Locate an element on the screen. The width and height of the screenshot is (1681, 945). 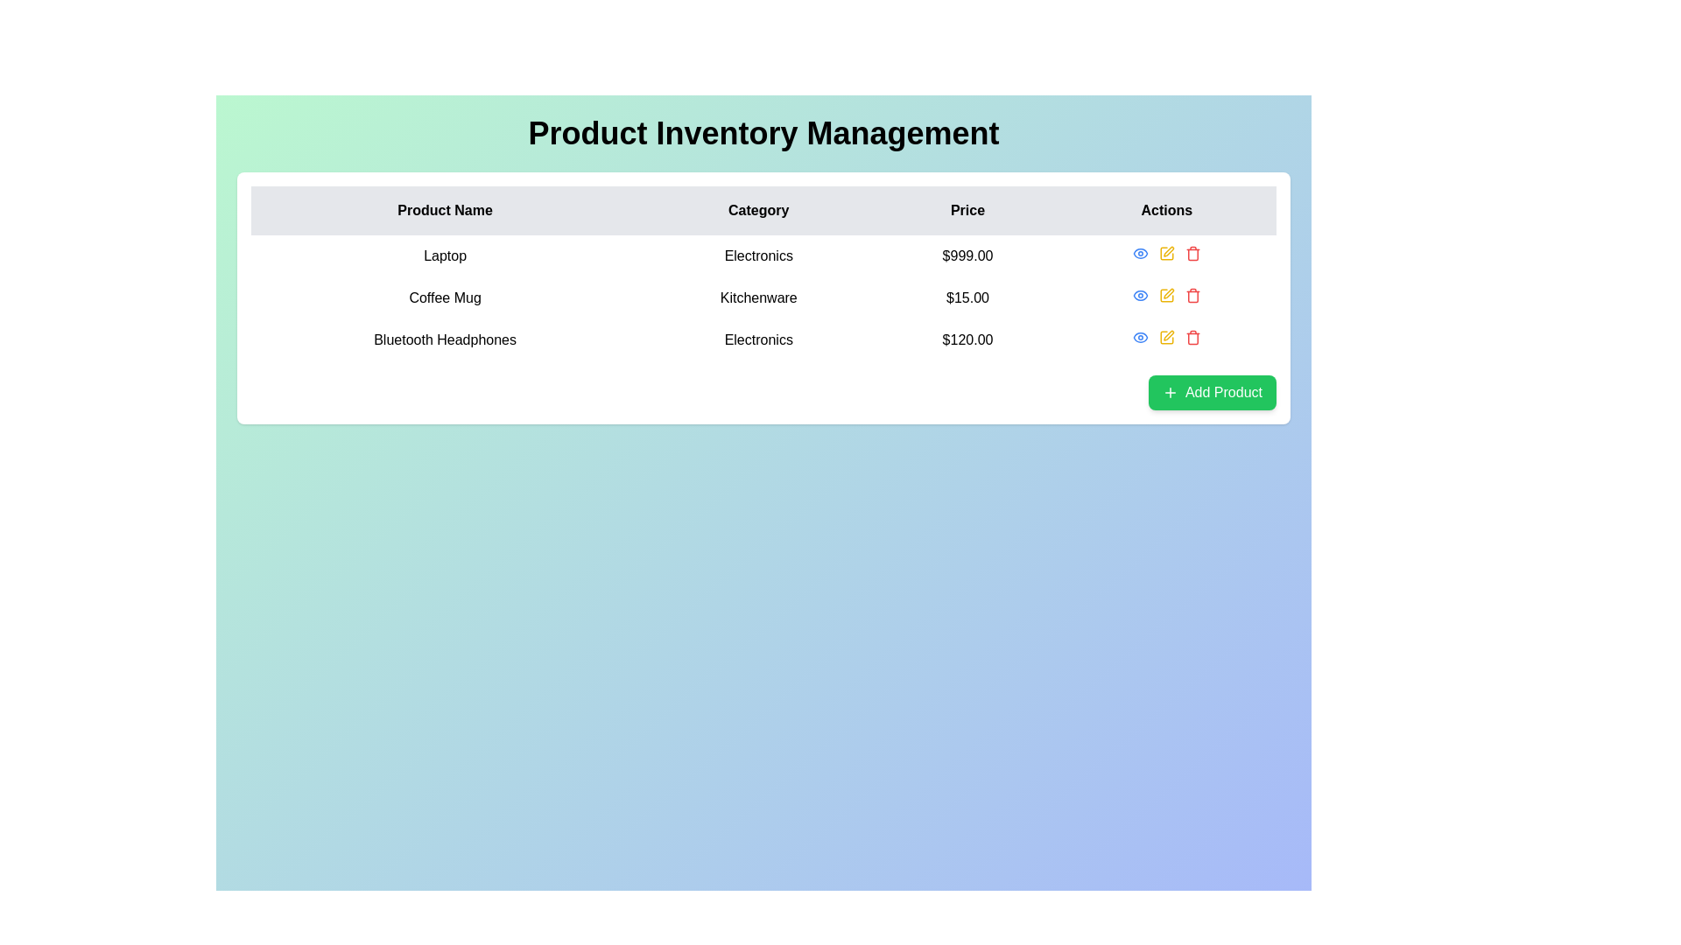
the red trash icon in the 'Actions' column of the second row in the table to initiate a delete action for the 'Coffee Mug' entry is located at coordinates (1192, 295).